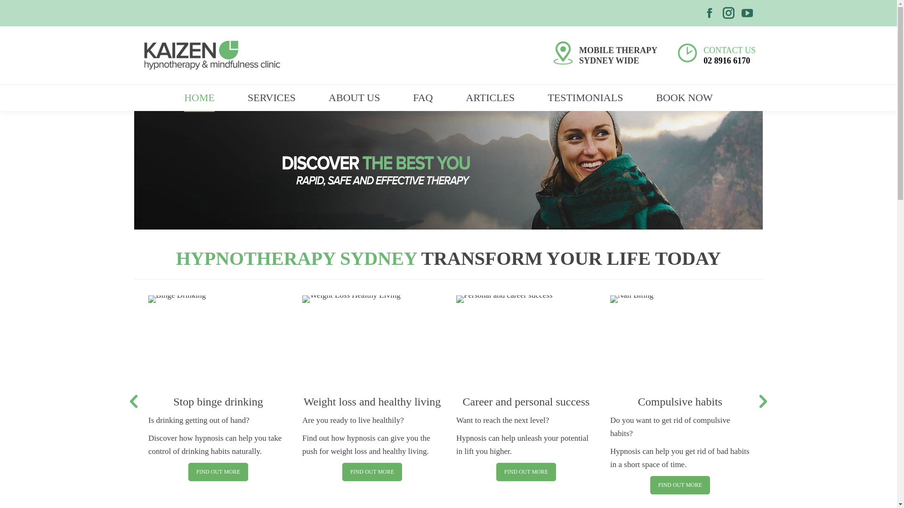 The width and height of the screenshot is (904, 508). What do you see at coordinates (354, 98) in the screenshot?
I see `'ABOUT US'` at bounding box center [354, 98].